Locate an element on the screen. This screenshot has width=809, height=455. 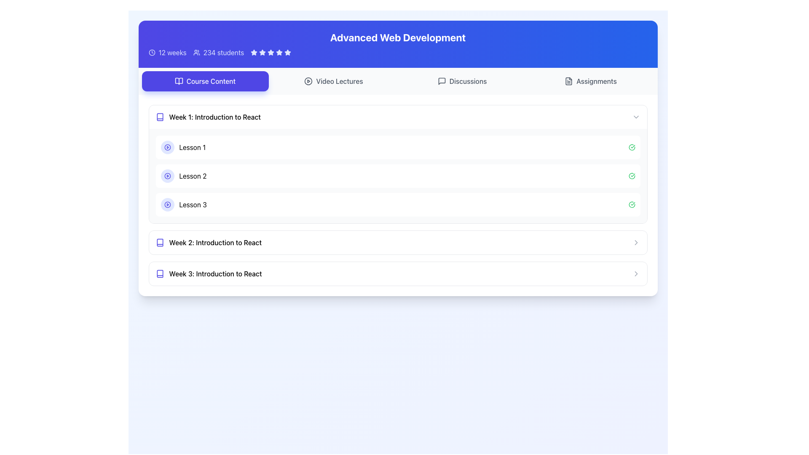
the clock icon located to the left of the '12 weeks' label under the title 'Advanced Web Development' in the blue header area is located at coordinates (152, 52).